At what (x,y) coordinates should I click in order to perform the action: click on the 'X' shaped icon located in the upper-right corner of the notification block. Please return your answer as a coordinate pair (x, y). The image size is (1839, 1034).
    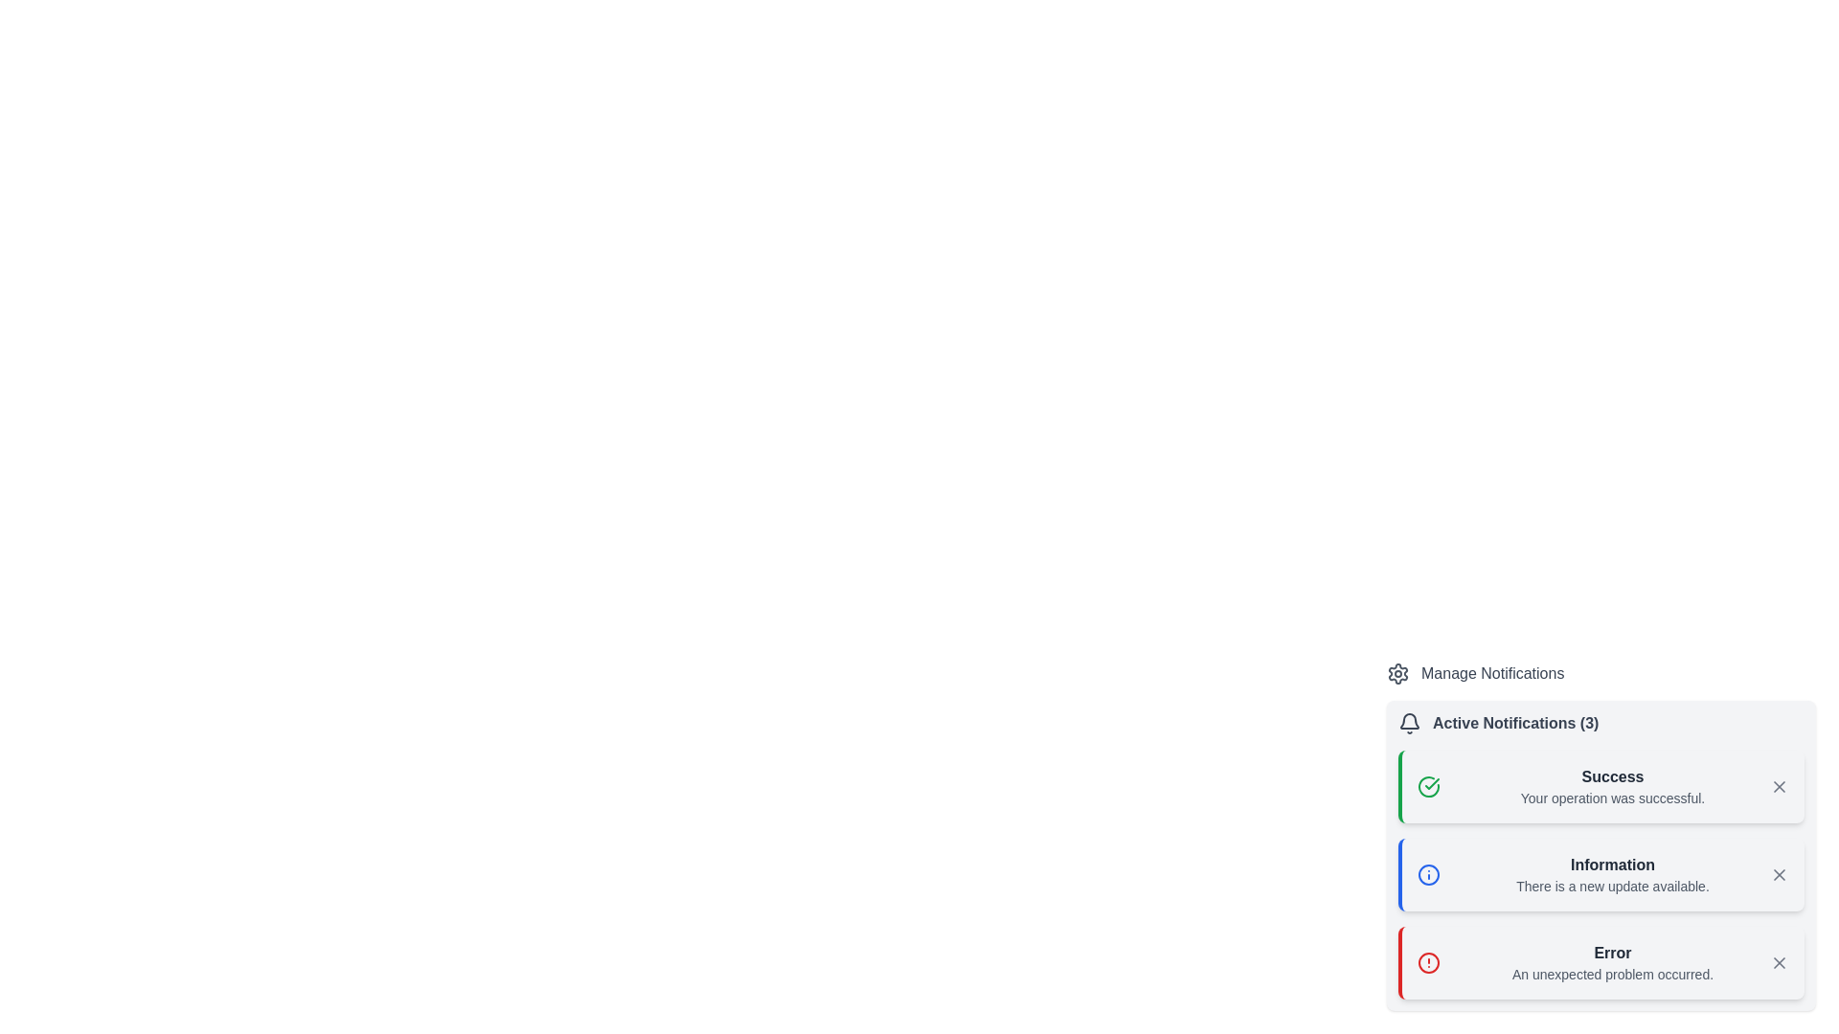
    Looking at the image, I should click on (1778, 963).